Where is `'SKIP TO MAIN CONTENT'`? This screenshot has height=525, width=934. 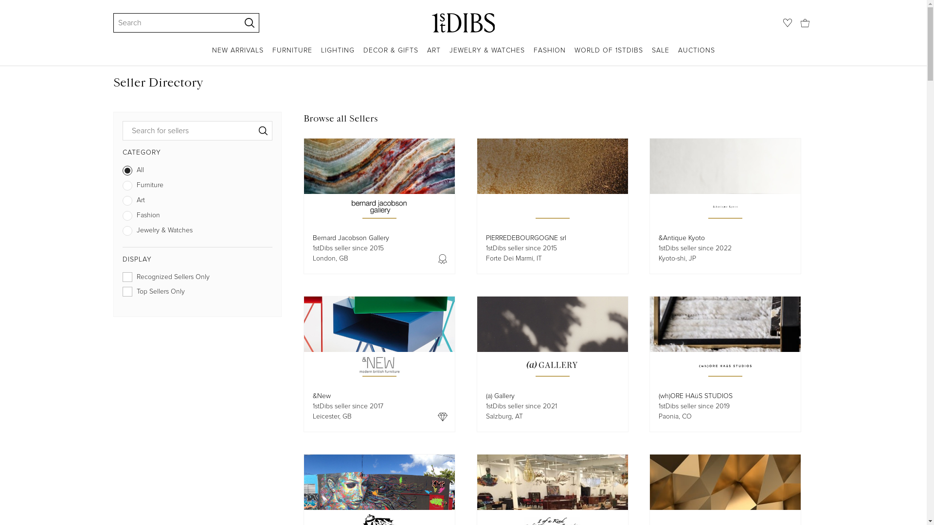 'SKIP TO MAIN CONTENT' is located at coordinates (4, 4).